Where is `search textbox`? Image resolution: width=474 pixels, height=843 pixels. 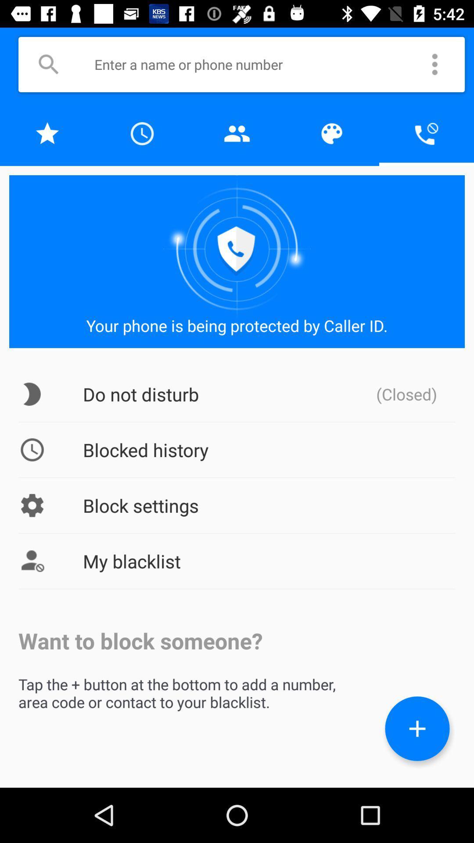
search textbox is located at coordinates (254, 64).